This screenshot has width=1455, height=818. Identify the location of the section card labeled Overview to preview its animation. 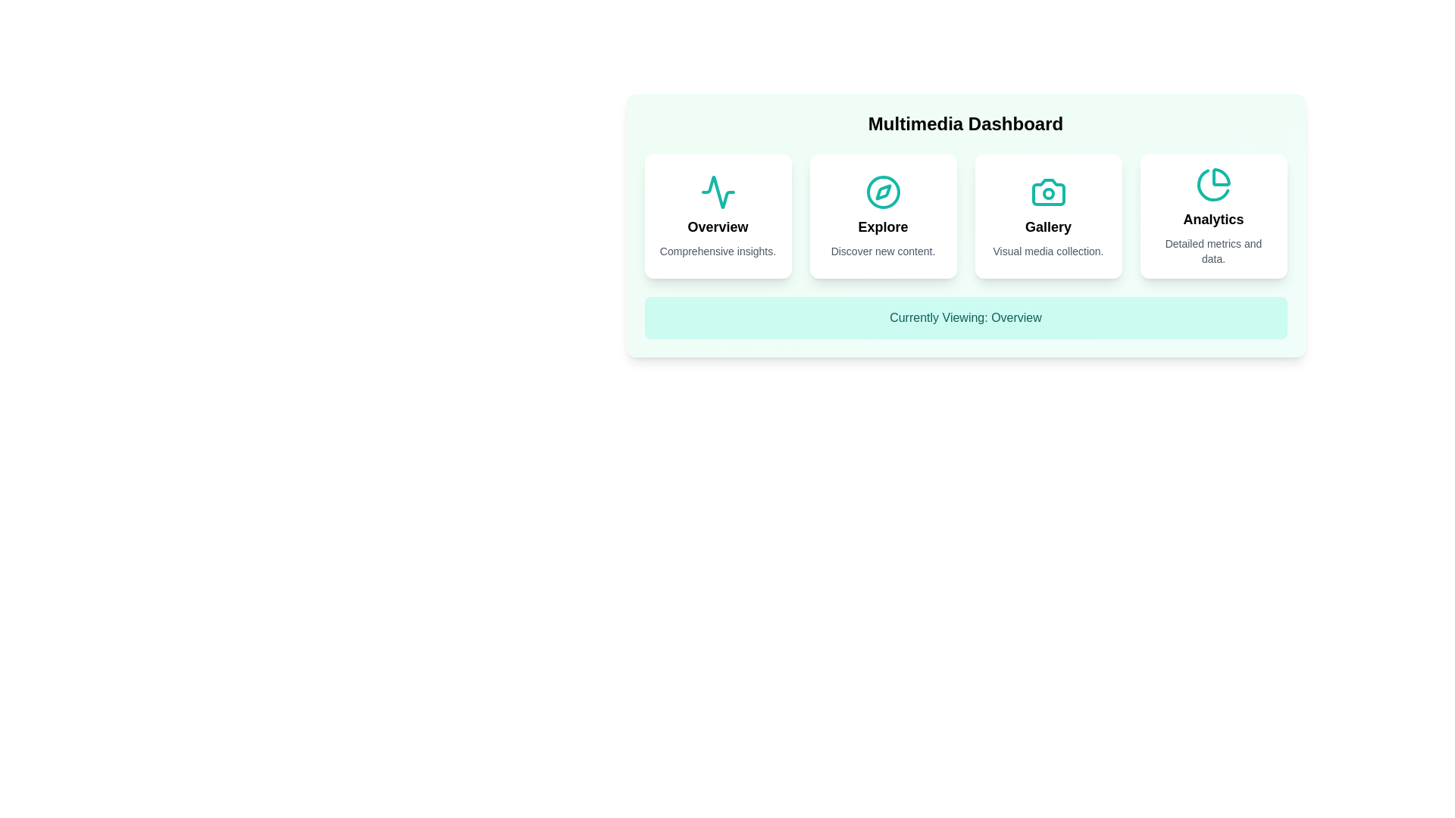
(717, 216).